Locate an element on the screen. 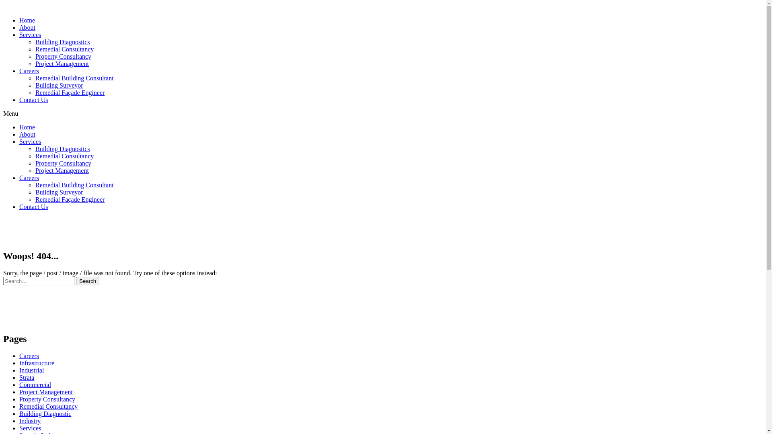 The height and width of the screenshot is (434, 772). 'Home' is located at coordinates (27, 127).